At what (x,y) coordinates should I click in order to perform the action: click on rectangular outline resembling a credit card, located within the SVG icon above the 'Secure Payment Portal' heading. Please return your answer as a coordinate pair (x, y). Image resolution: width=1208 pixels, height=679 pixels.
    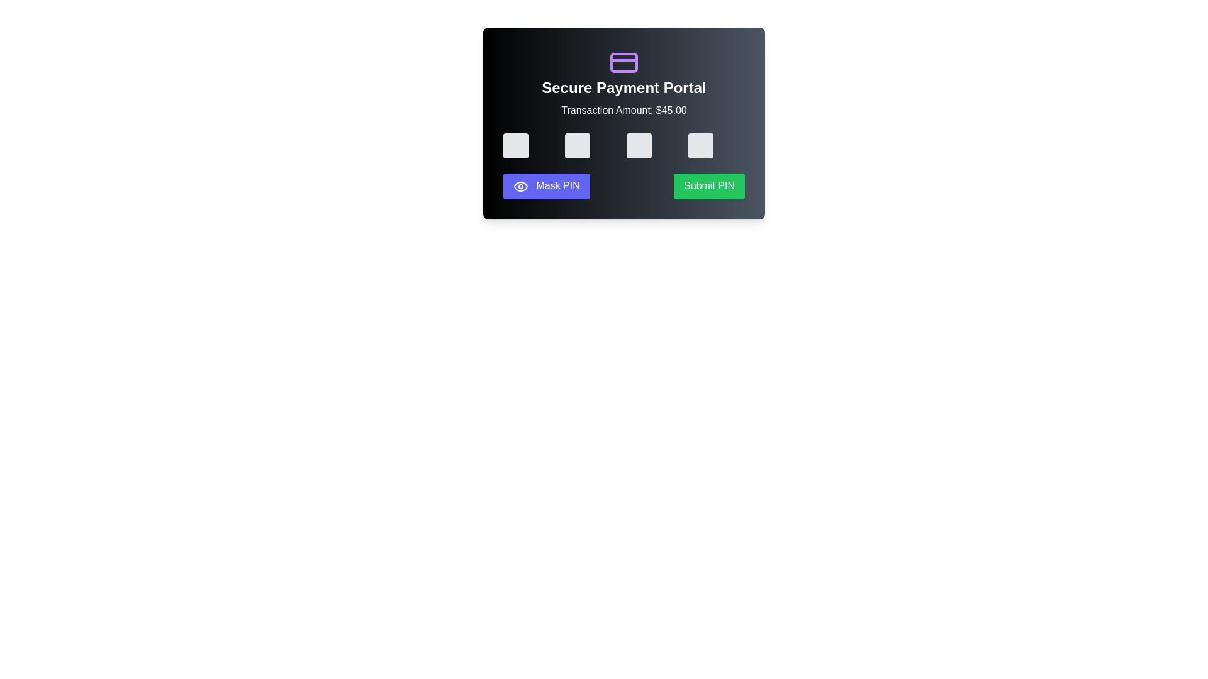
    Looking at the image, I should click on (624, 63).